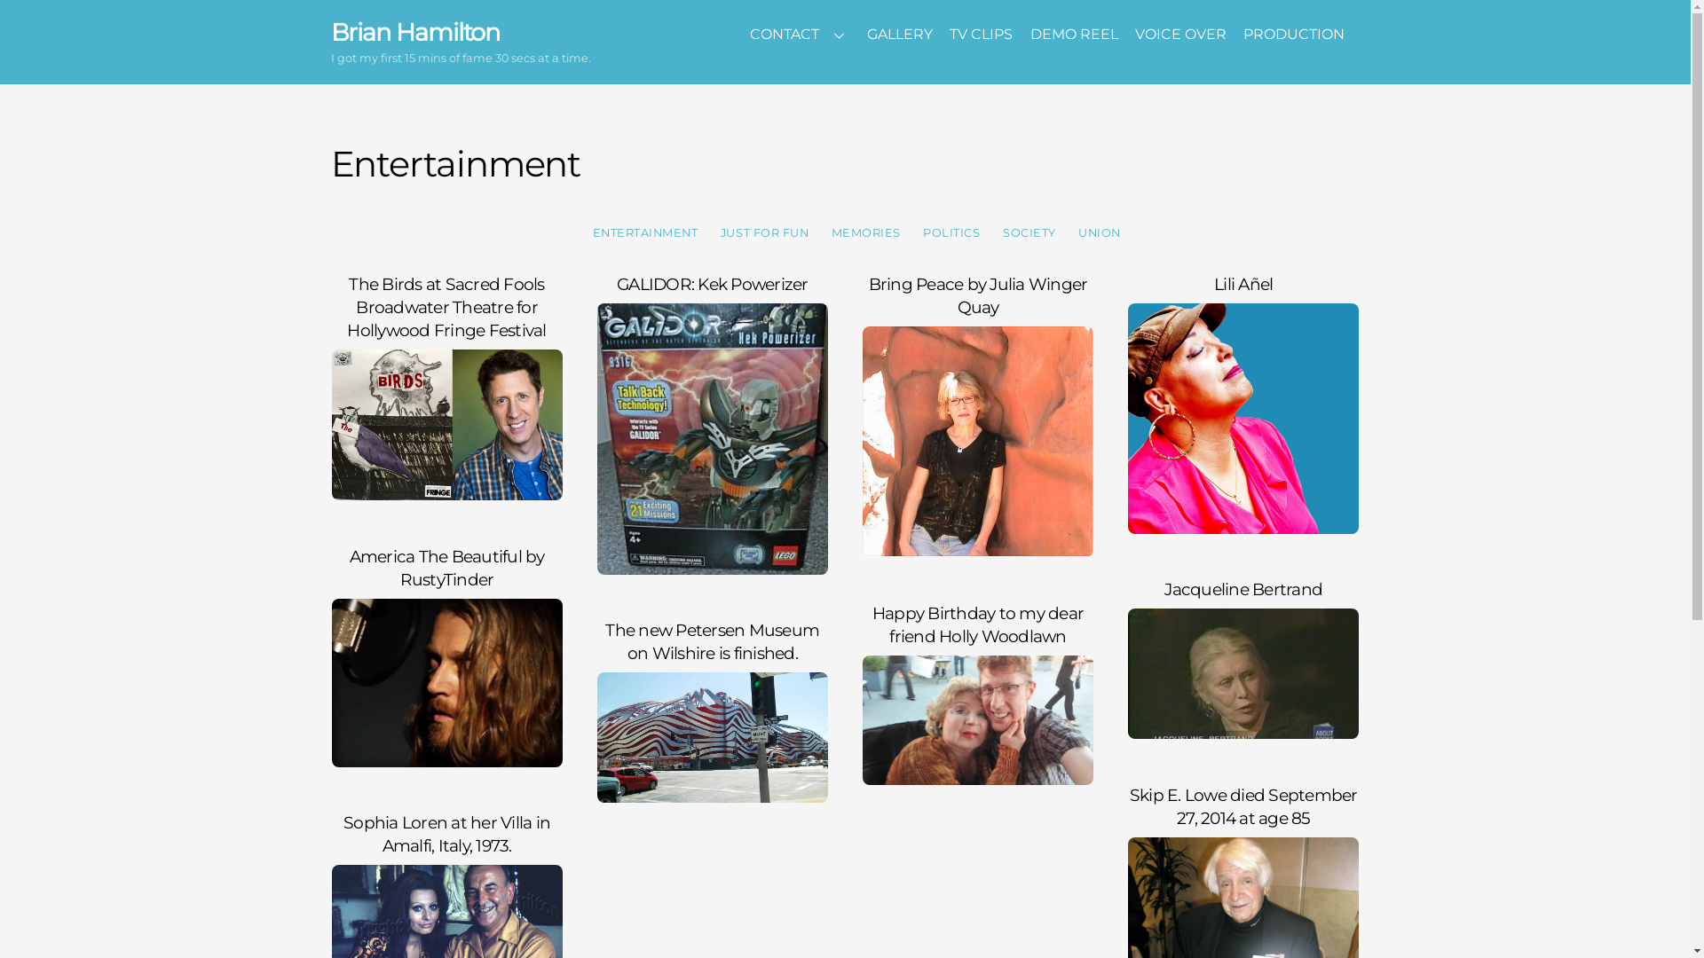  I want to click on 'VOICE OVER', so click(1179, 34).